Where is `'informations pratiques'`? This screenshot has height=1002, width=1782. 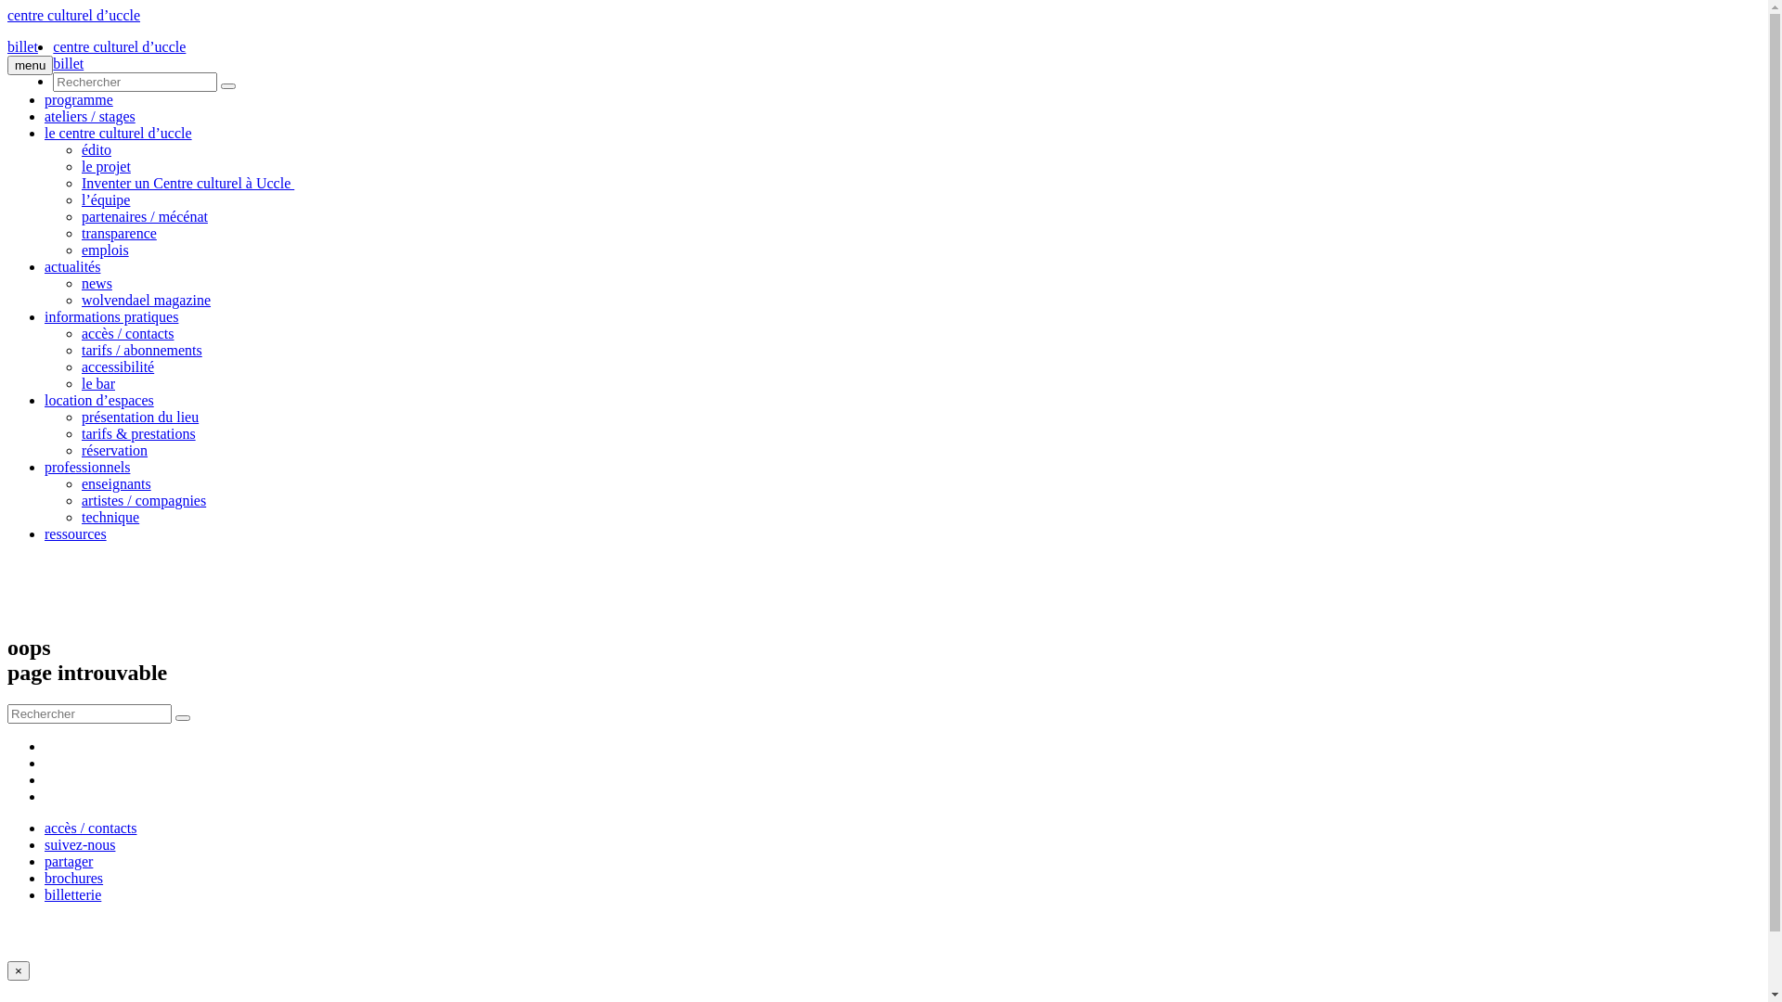
'informations pratiques' is located at coordinates (110, 315).